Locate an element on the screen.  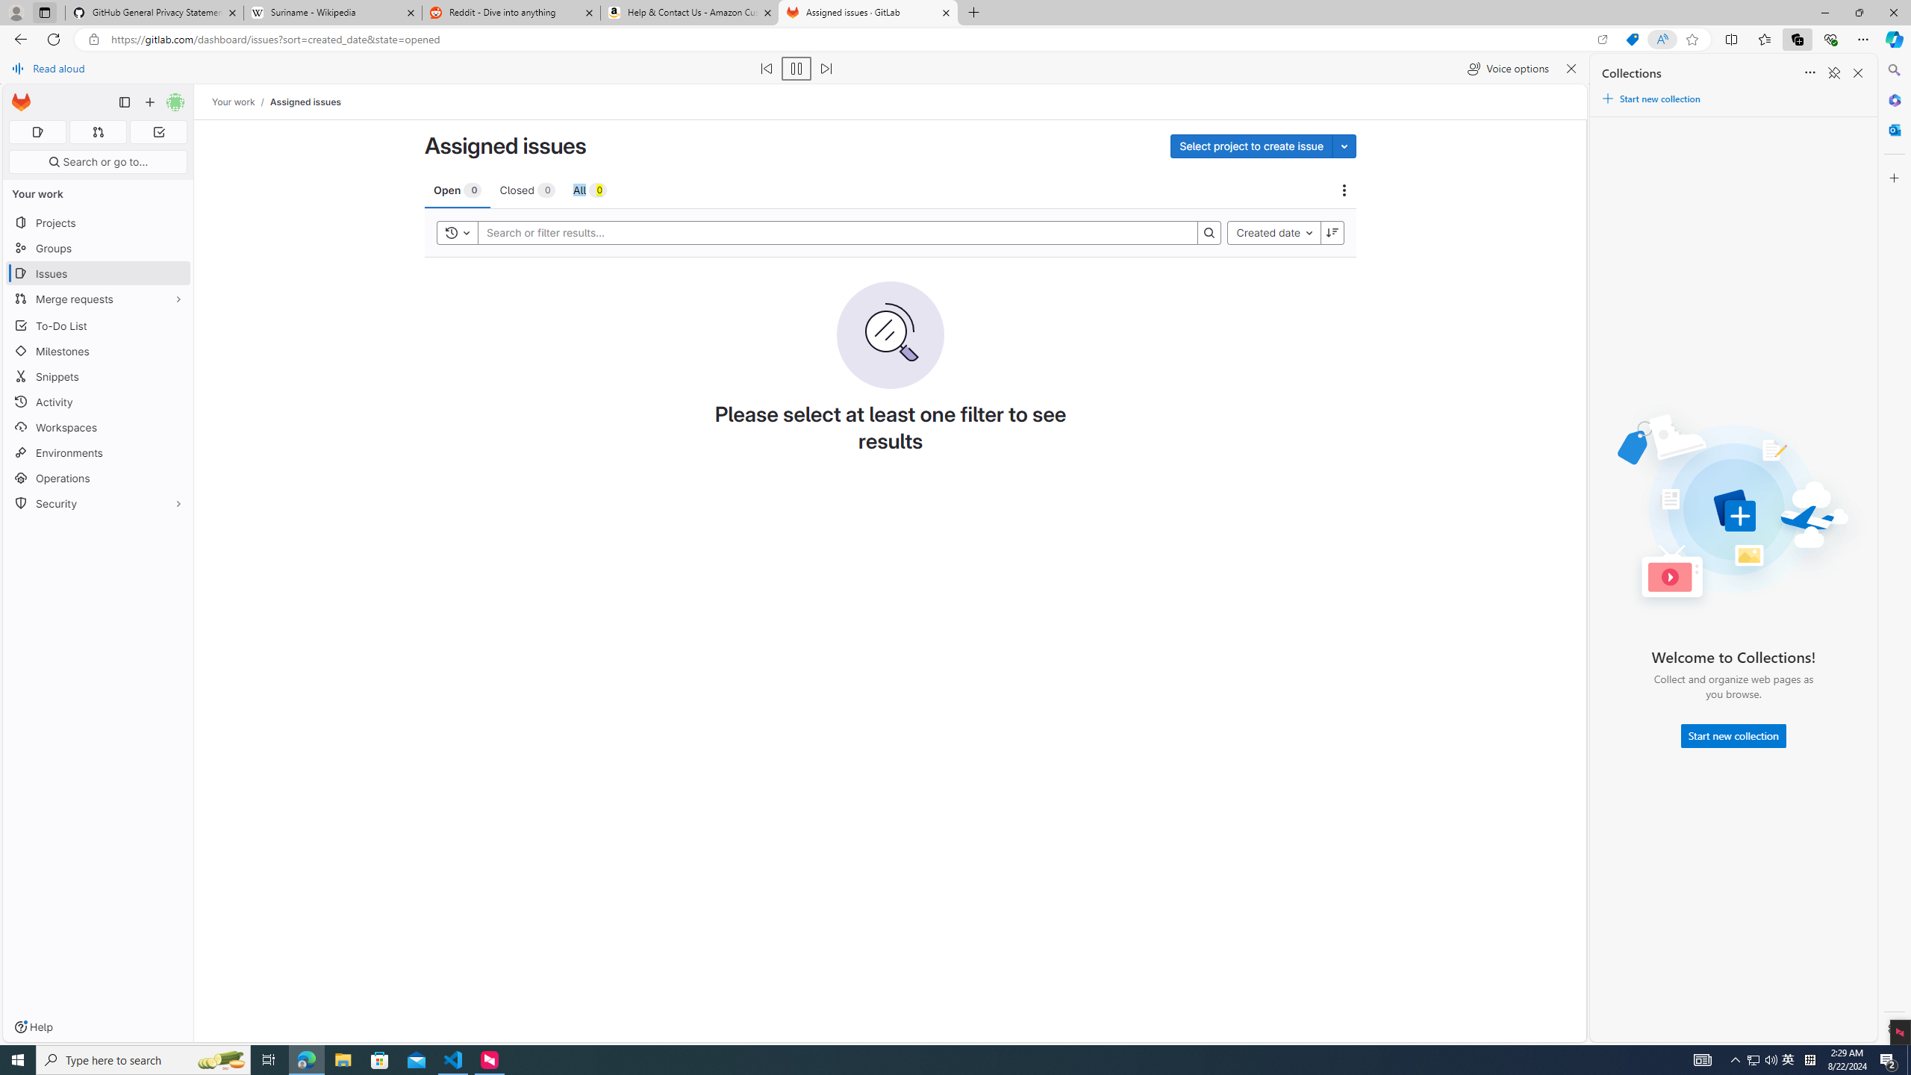
'Assigned issues' is located at coordinates (305, 102).